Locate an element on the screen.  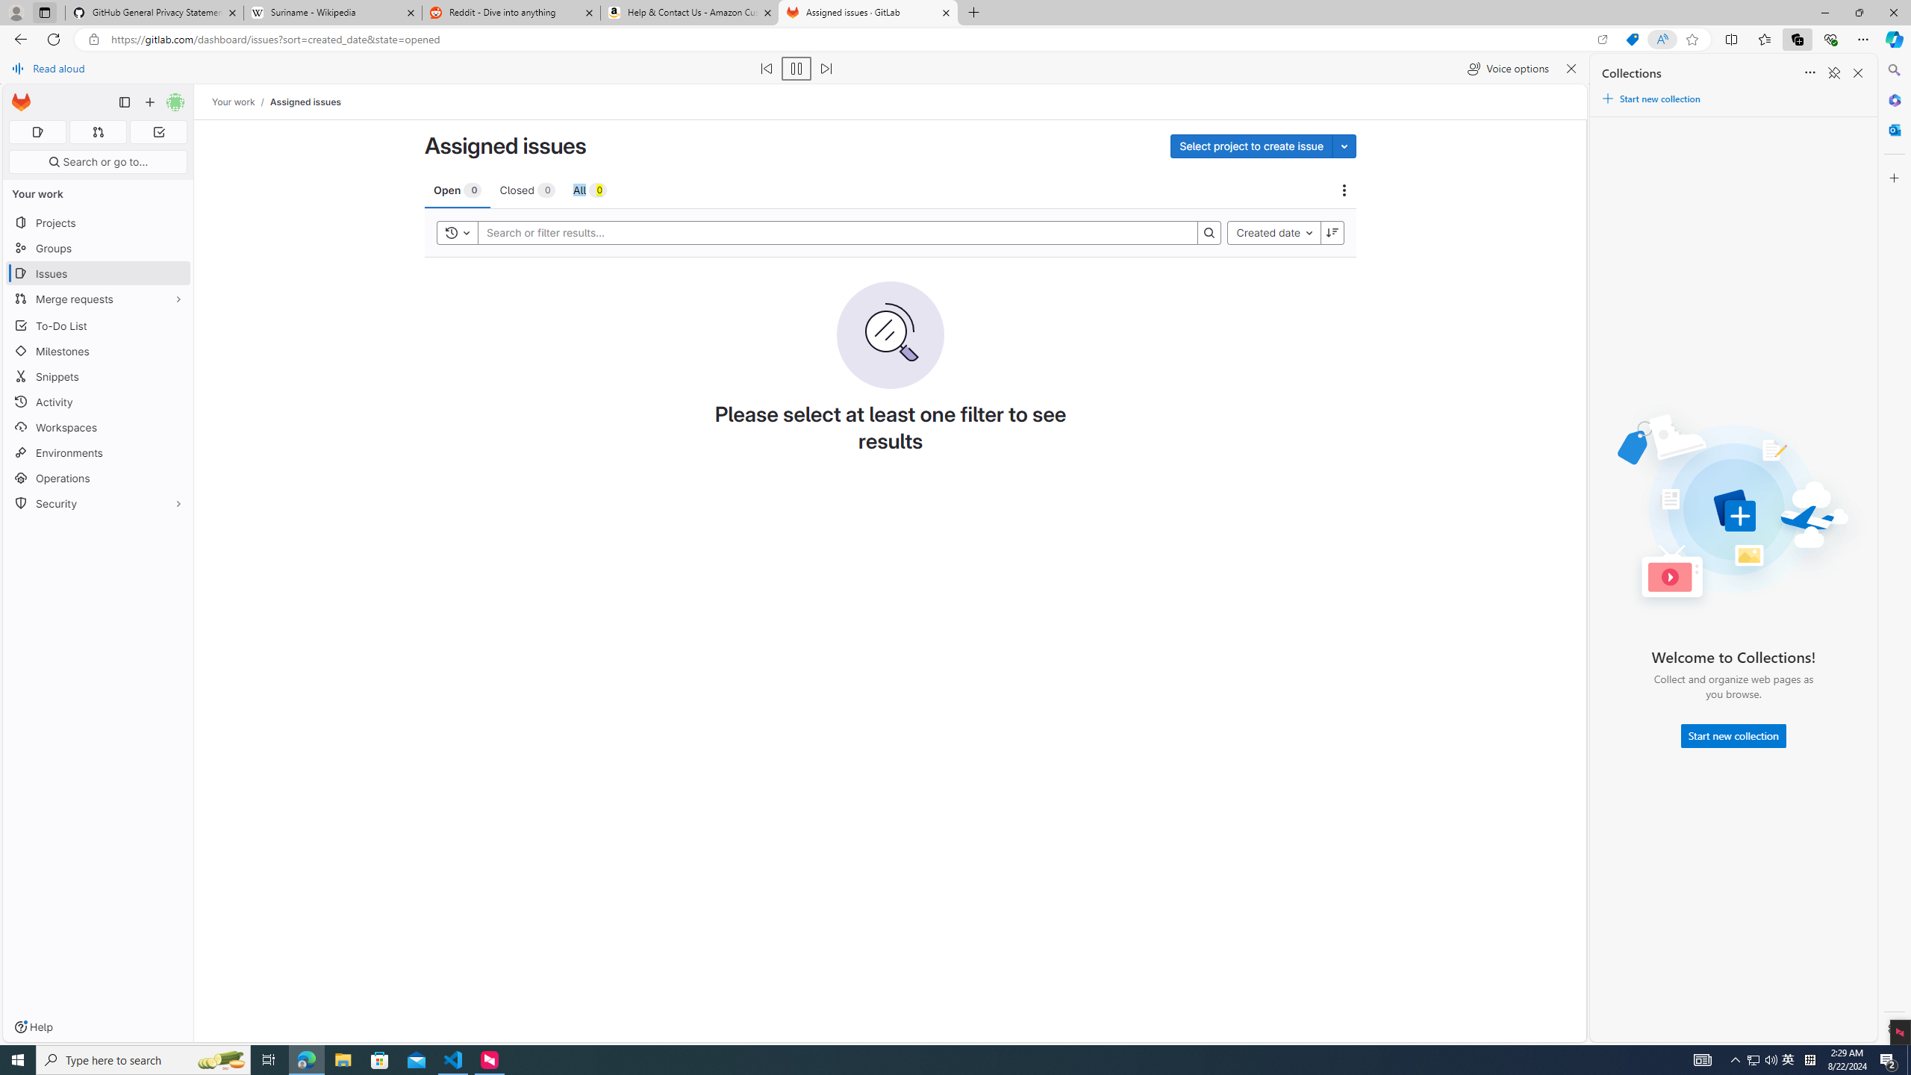
'Assigned issues' is located at coordinates (305, 102).